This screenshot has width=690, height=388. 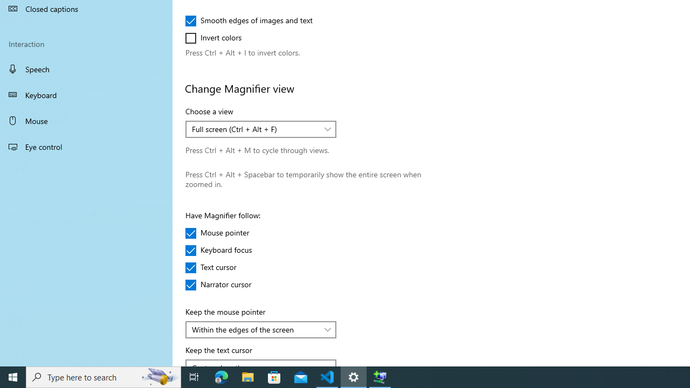 I want to click on 'Search highlights icon opens search home window', so click(x=158, y=376).